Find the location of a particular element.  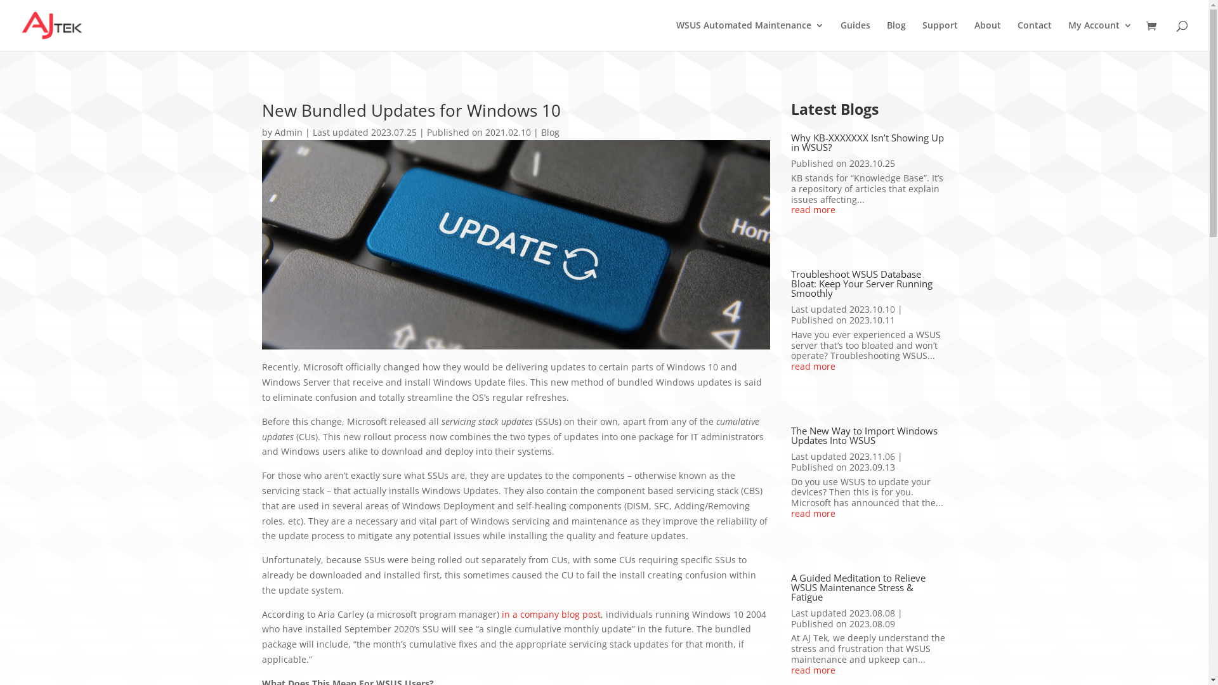

'word-image' is located at coordinates (515, 244).